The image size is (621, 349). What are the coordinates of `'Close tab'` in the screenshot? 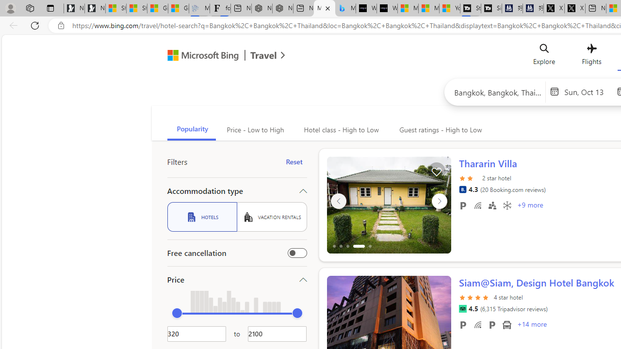 It's located at (327, 8).